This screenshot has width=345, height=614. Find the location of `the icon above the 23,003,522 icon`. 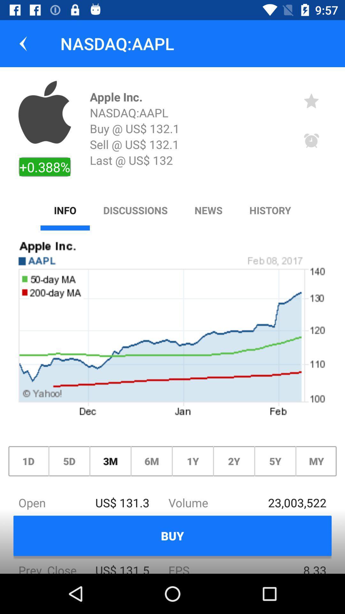

the icon above the 23,003,522 icon is located at coordinates (275, 461).